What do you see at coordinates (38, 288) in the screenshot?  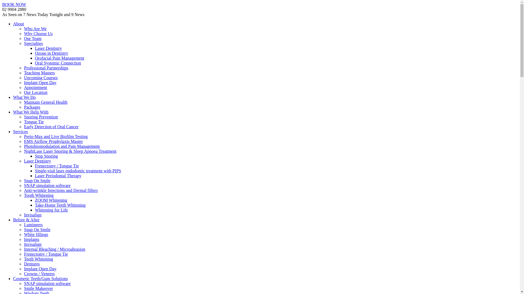 I see `'Smile Makeover'` at bounding box center [38, 288].